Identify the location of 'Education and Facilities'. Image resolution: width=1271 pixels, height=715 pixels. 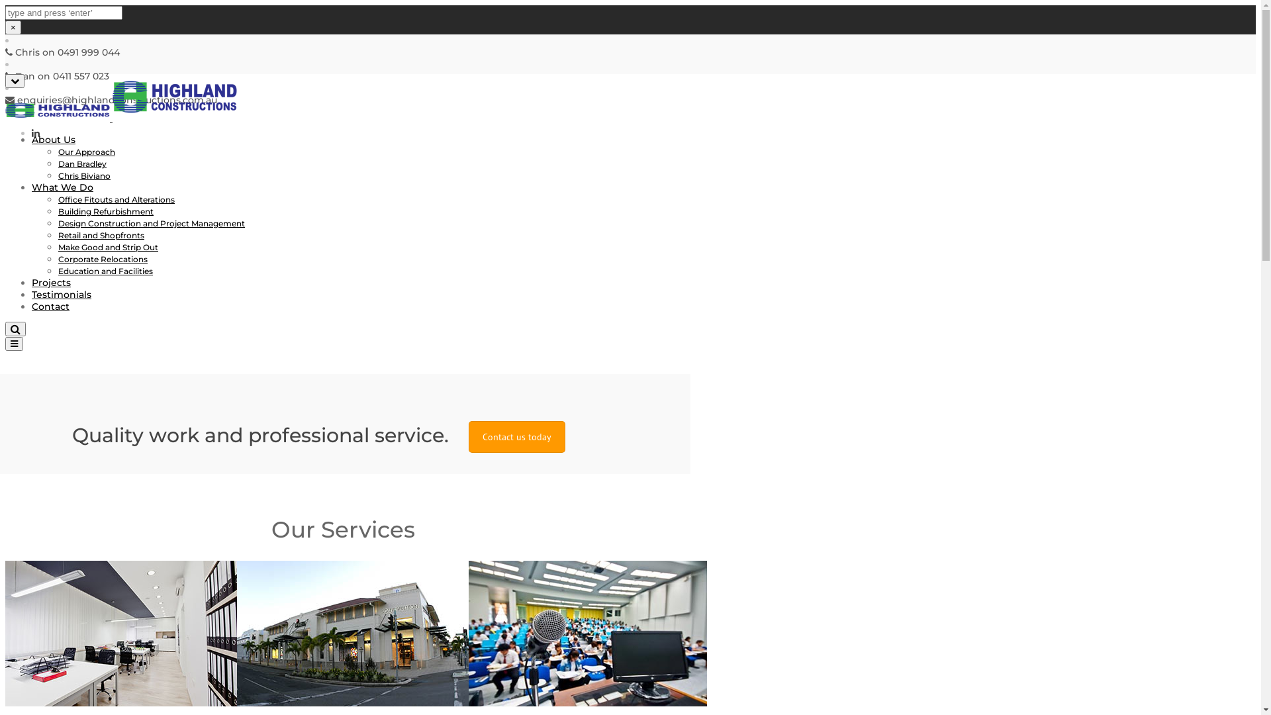
(105, 270).